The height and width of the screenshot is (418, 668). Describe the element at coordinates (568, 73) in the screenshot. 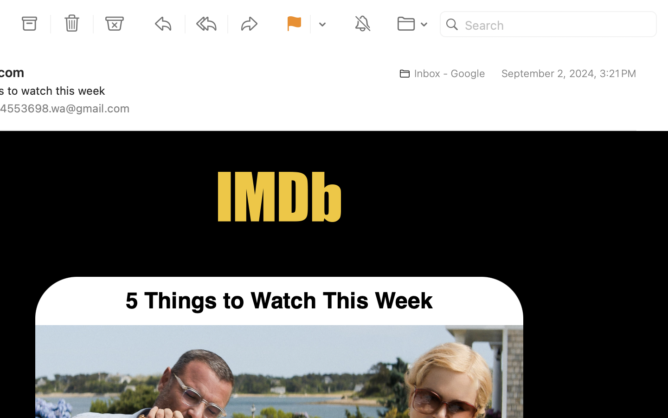

I see `'September 2, 2024, 3:21 PM'` at that location.